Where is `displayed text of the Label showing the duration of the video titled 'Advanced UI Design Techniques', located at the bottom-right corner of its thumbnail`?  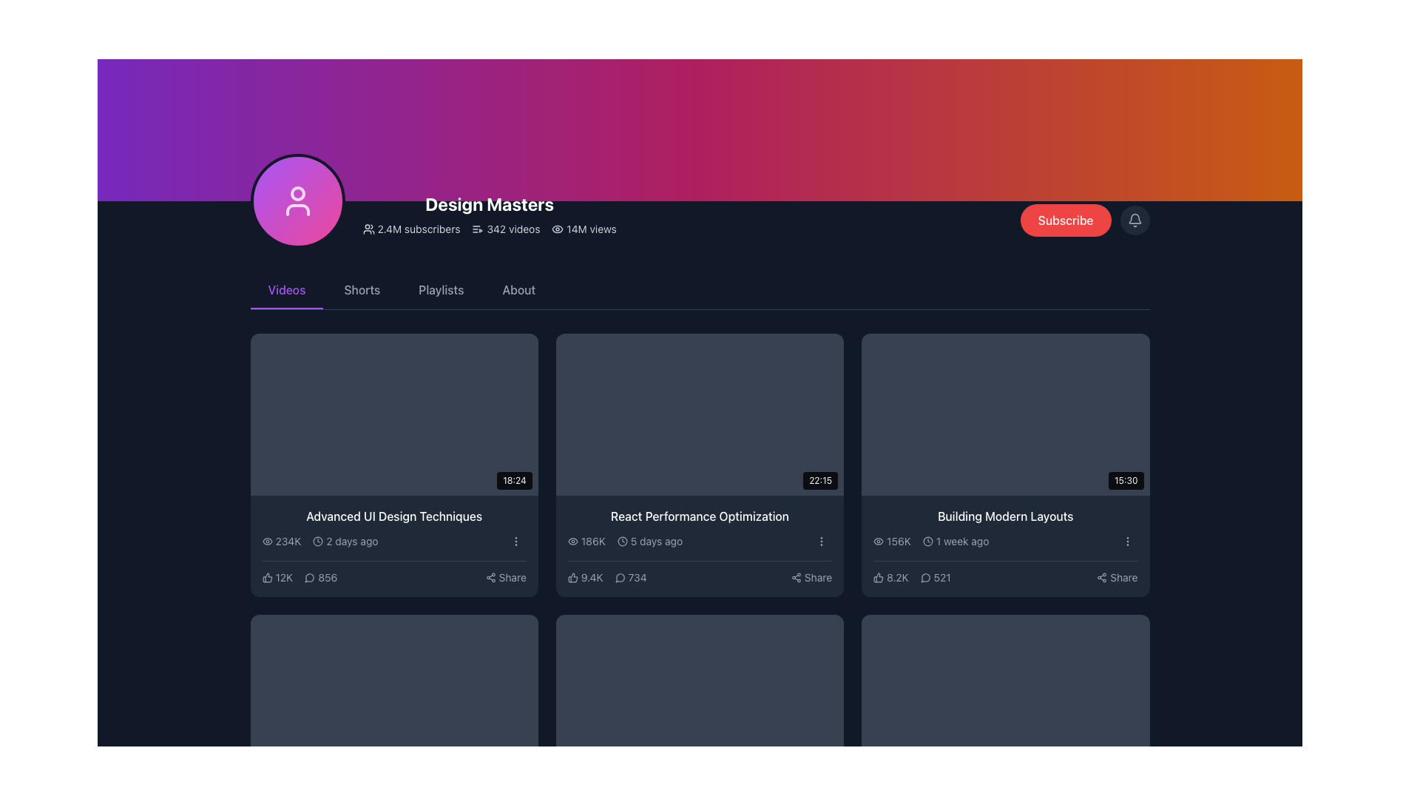 displayed text of the Label showing the duration of the video titled 'Advanced UI Design Techniques', located at the bottom-right corner of its thumbnail is located at coordinates (515, 480).